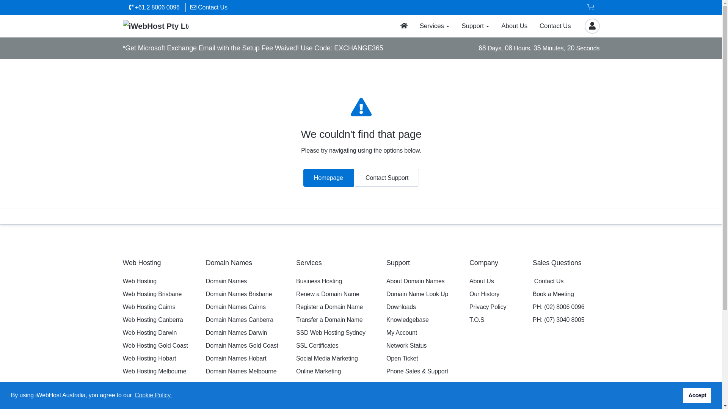 This screenshot has width=728, height=409. What do you see at coordinates (318, 371) in the screenshot?
I see `'Online Marketing'` at bounding box center [318, 371].